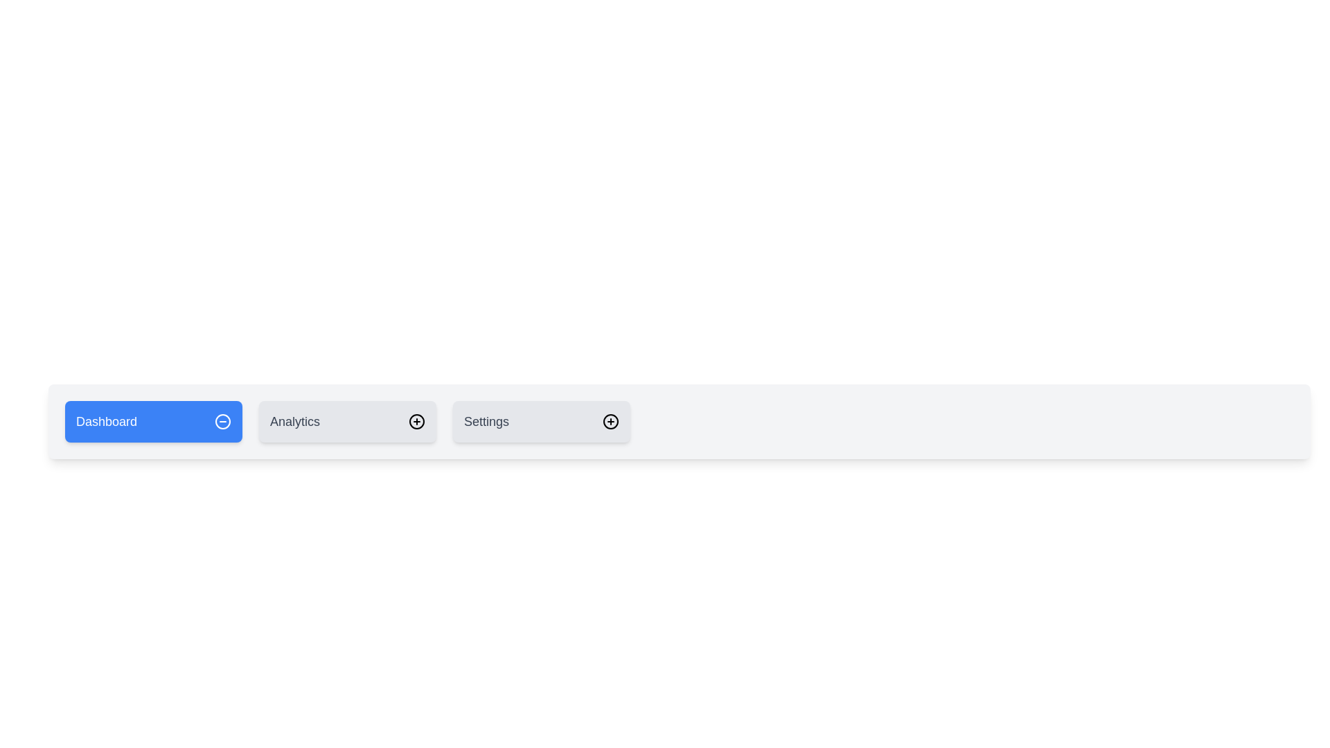 This screenshot has height=748, width=1330. Describe the element at coordinates (222, 421) in the screenshot. I see `the circular icon with a horizontal line, located in the 'Dashboard' option of the navigation row, positioned towards the rightmost side adjacent to the label text` at that location.